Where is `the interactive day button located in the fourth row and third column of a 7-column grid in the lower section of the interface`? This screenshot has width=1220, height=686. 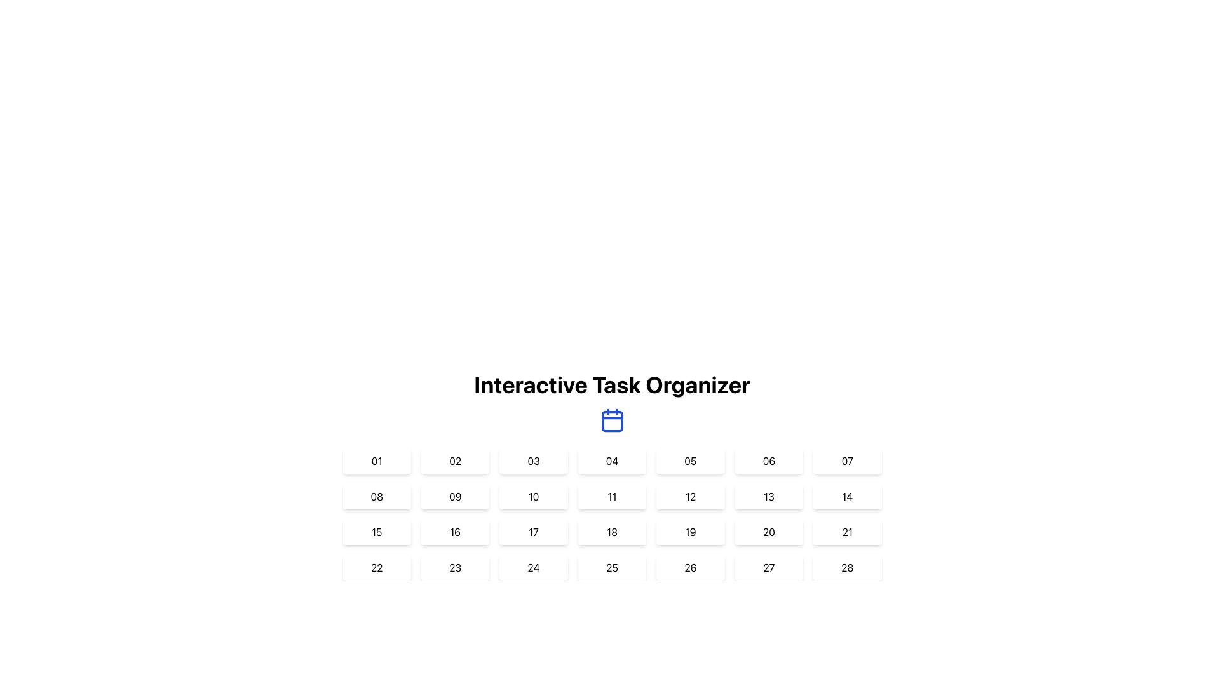
the interactive day button located in the fourth row and third column of a 7-column grid in the lower section of the interface is located at coordinates (534, 567).